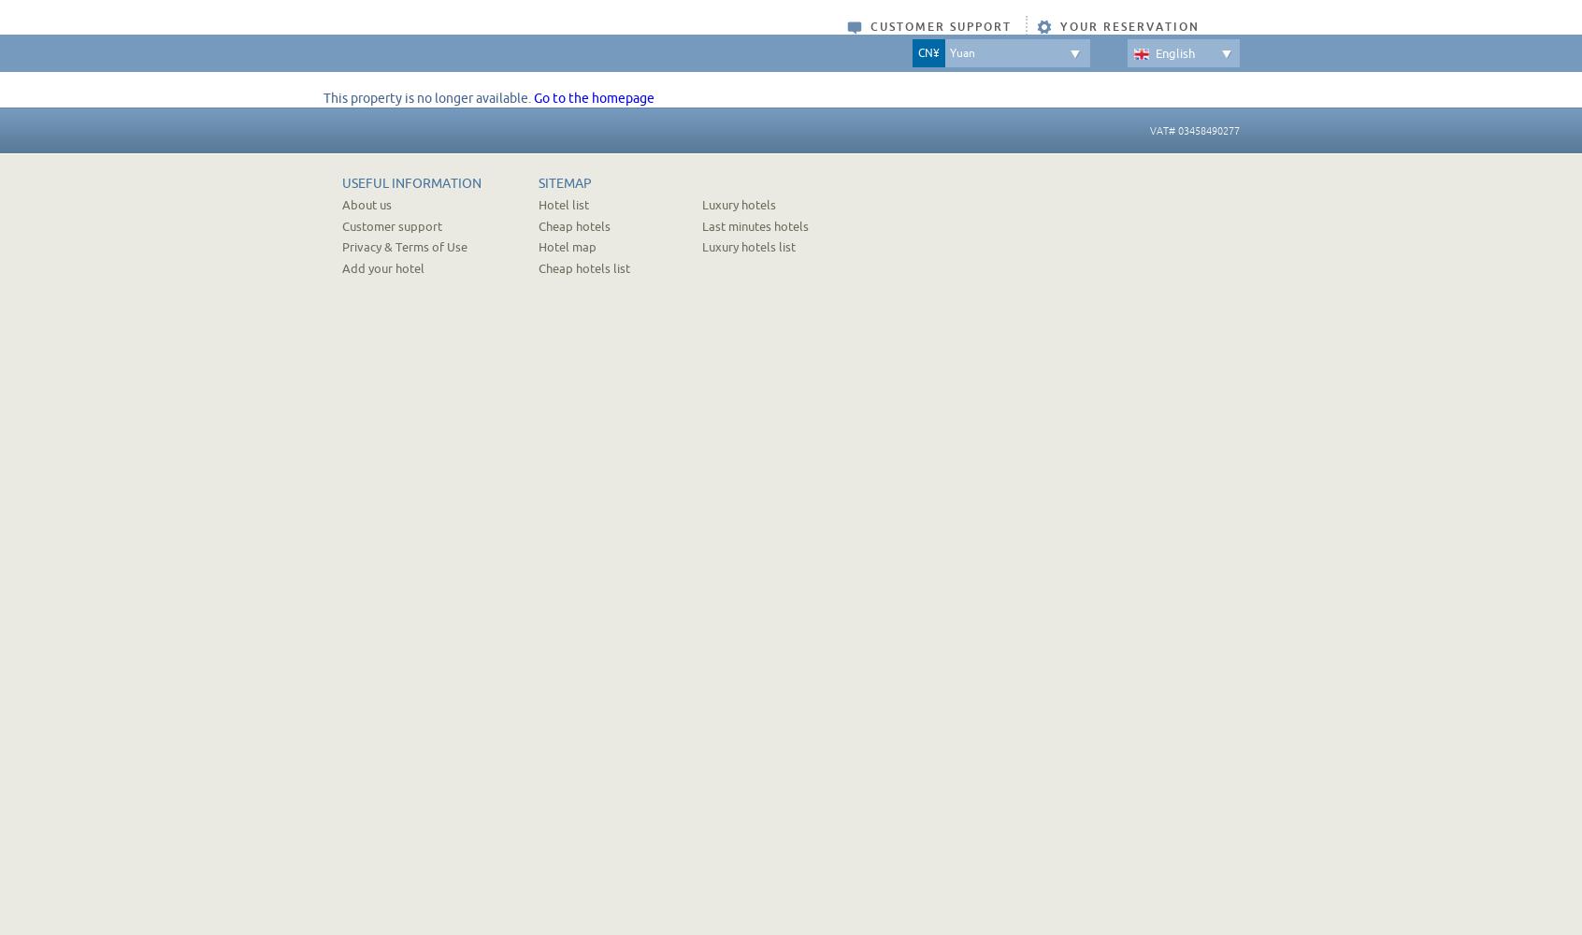 The image size is (1582, 935). I want to click on 'About us', so click(367, 204).